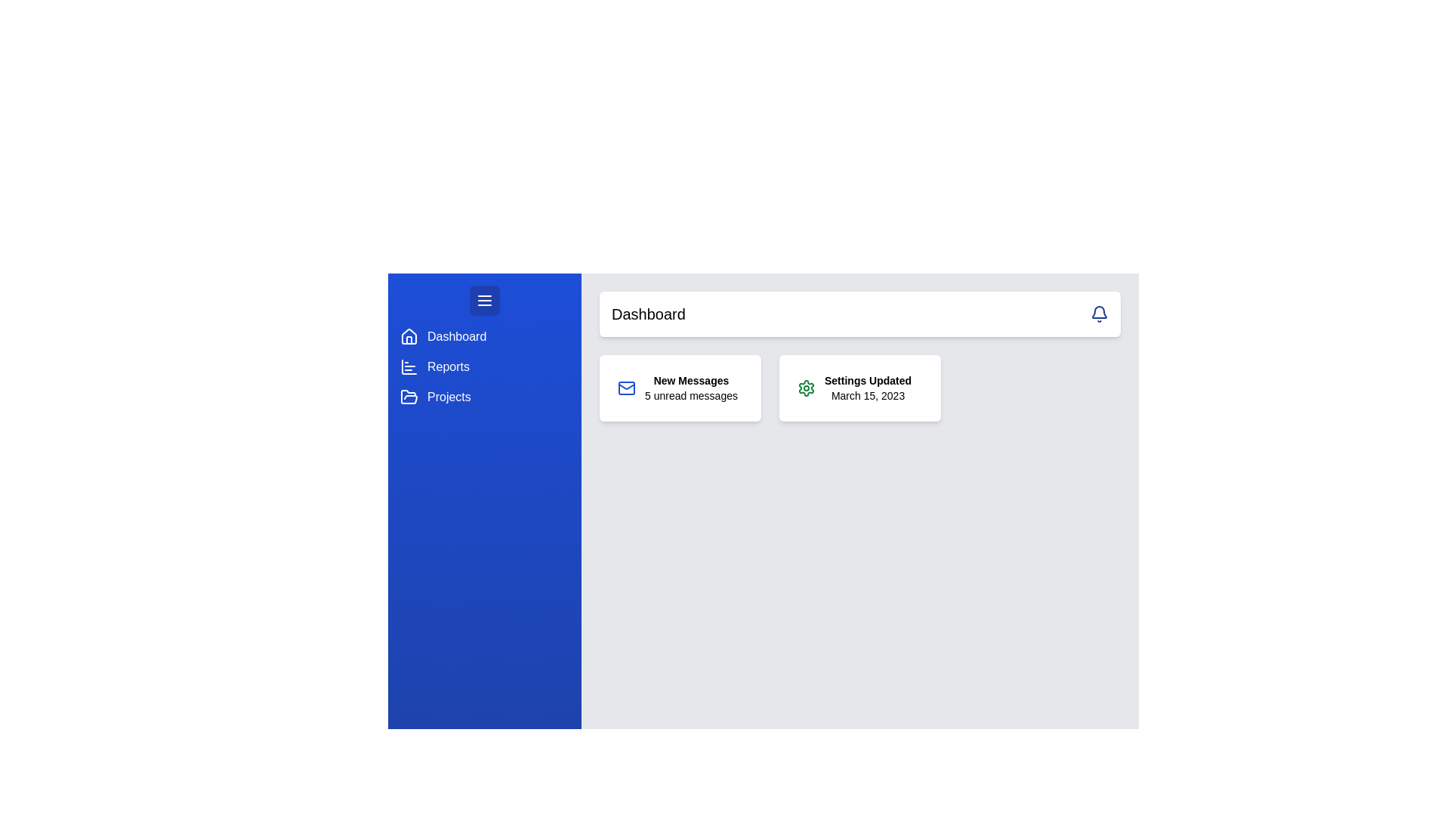 Image resolution: width=1450 pixels, height=816 pixels. I want to click on the 'Projects' menu item, so click(485, 396).